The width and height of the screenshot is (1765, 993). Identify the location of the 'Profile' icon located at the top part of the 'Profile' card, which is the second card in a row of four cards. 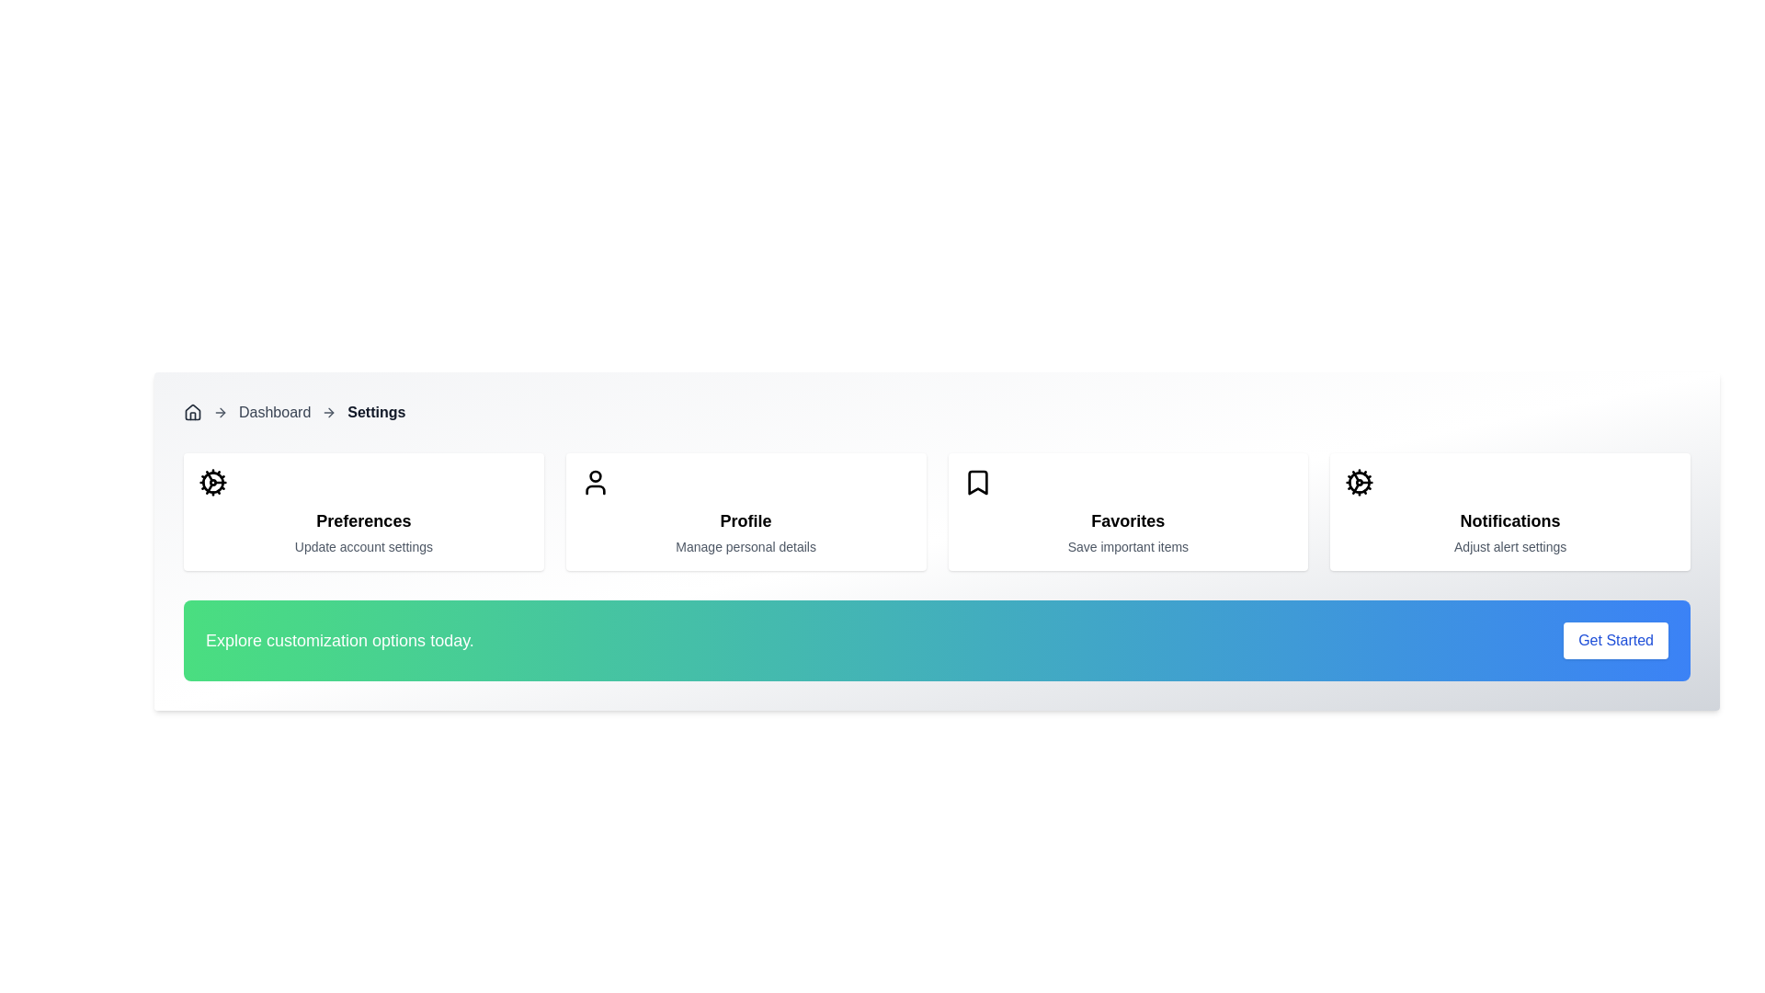
(595, 481).